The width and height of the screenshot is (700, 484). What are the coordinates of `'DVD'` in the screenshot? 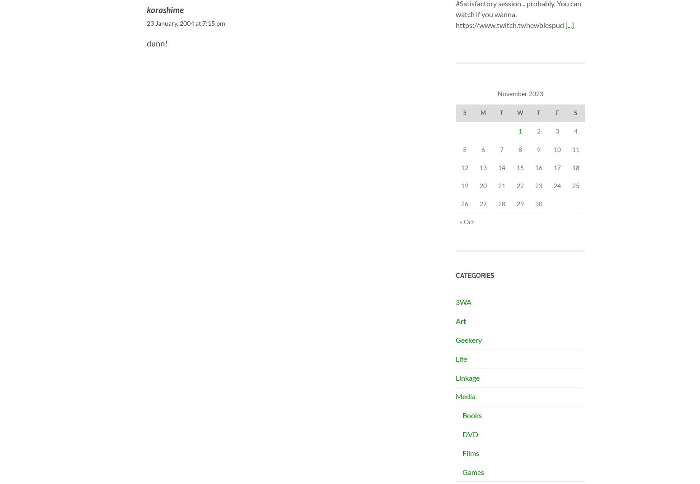 It's located at (470, 433).